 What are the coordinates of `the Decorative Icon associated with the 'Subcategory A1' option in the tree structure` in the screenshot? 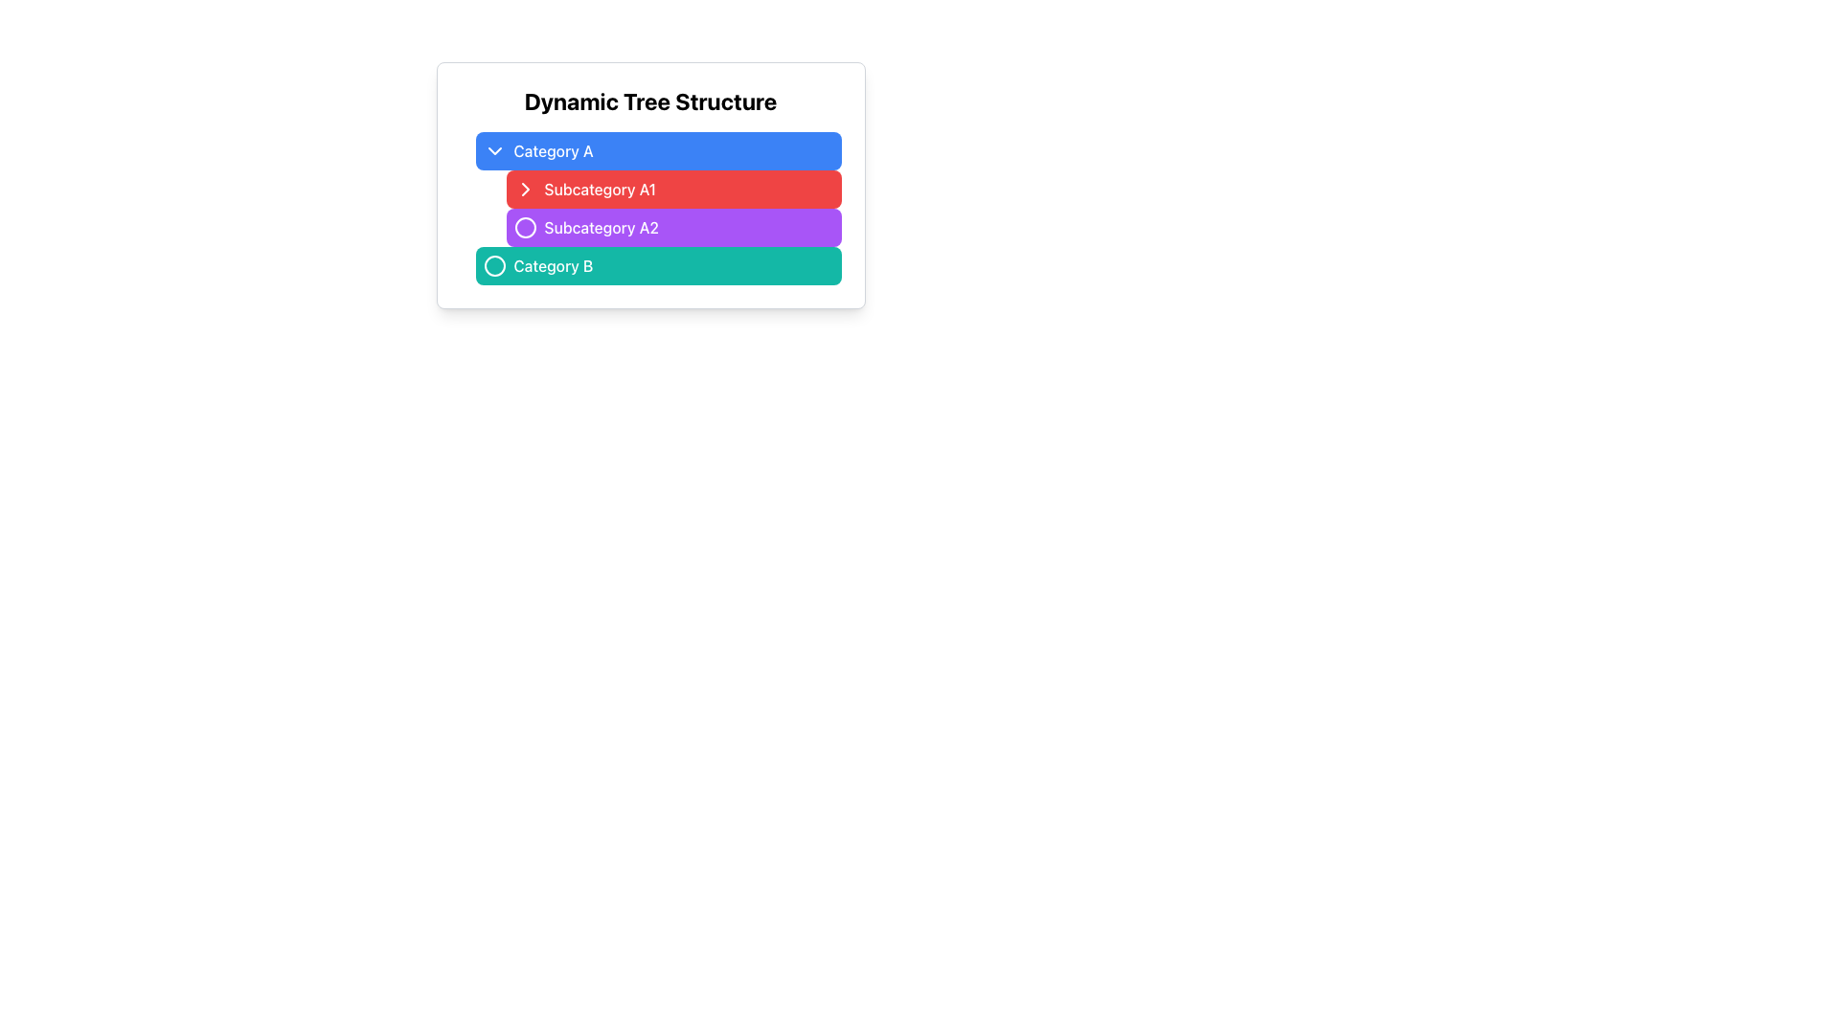 It's located at (525, 189).